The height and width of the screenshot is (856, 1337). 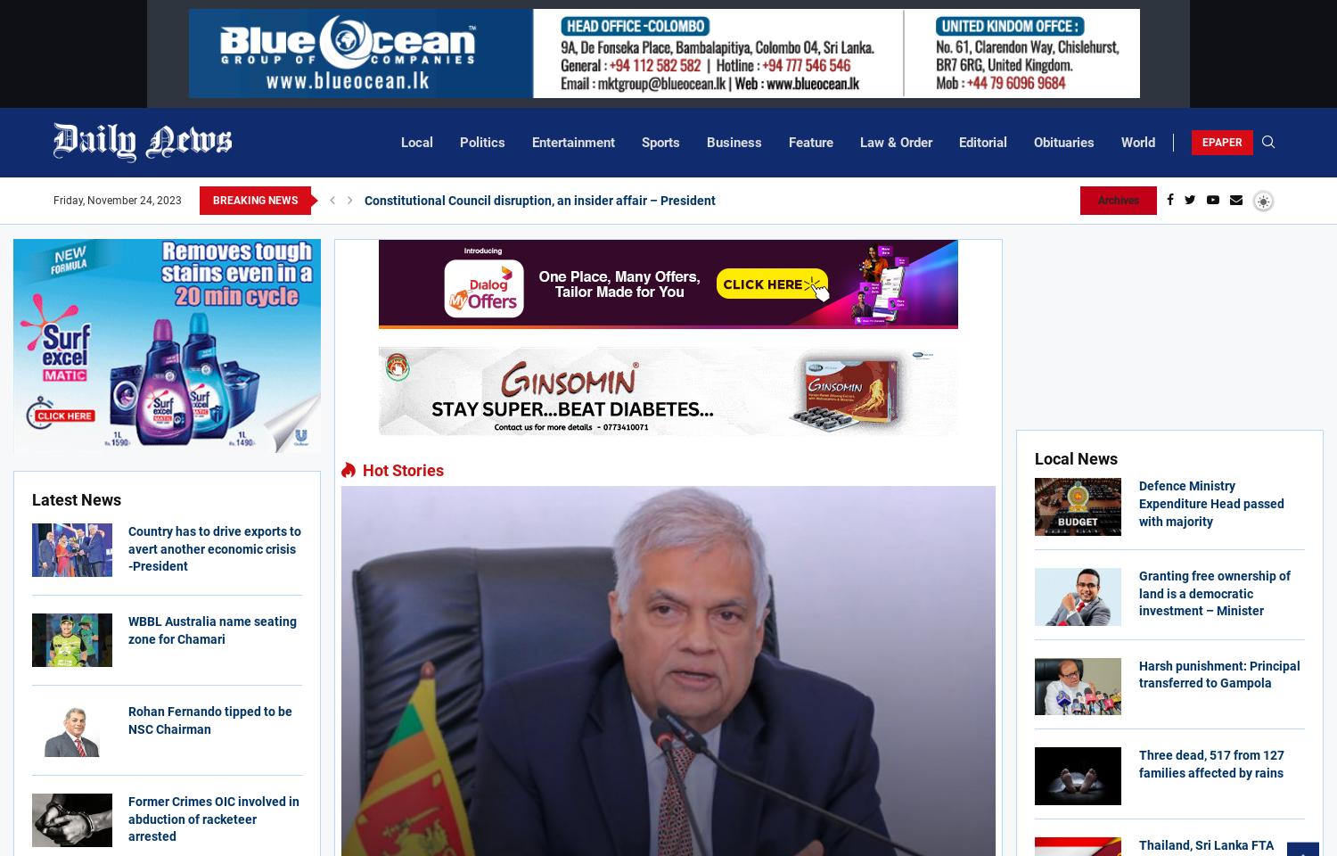 What do you see at coordinates (214, 547) in the screenshot?
I see `'Country has to drive exports to avert another economic crisis -President'` at bounding box center [214, 547].